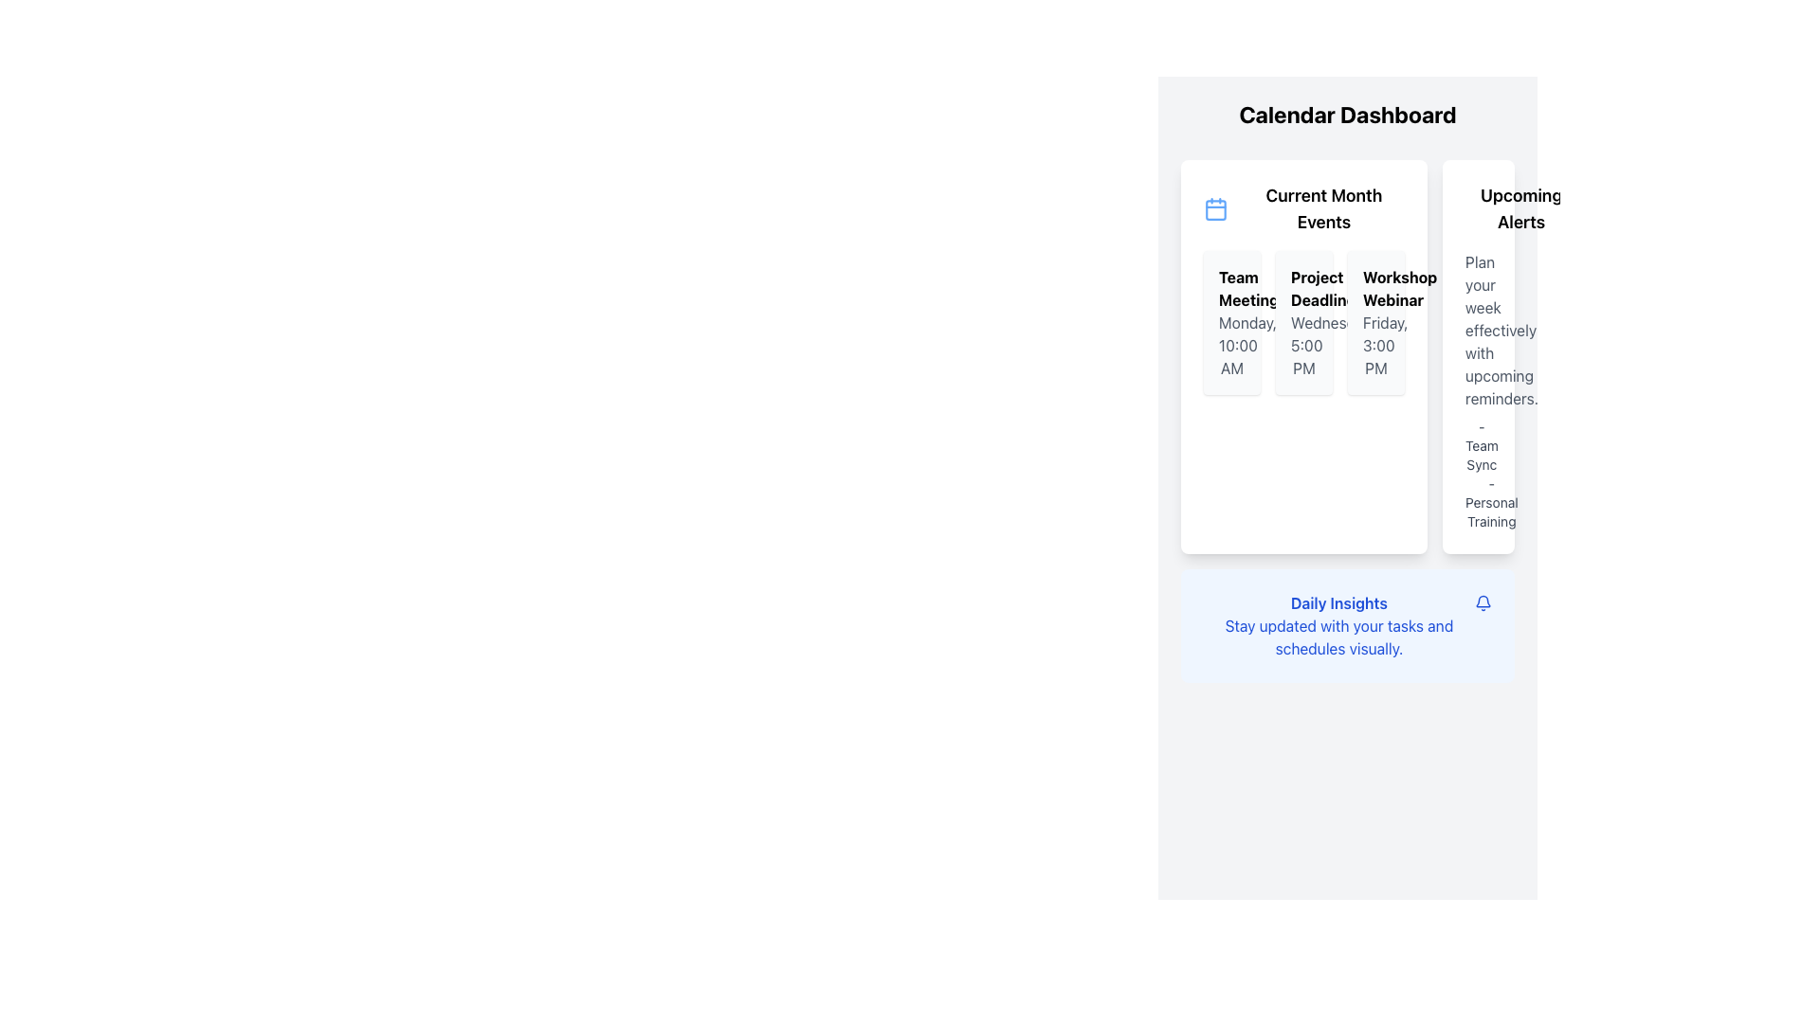 The image size is (1820, 1023). What do you see at coordinates (1232, 288) in the screenshot?
I see `title text that serves as the heading within the 'Current Month Events' section, located in the first card of three horizontal cards` at bounding box center [1232, 288].